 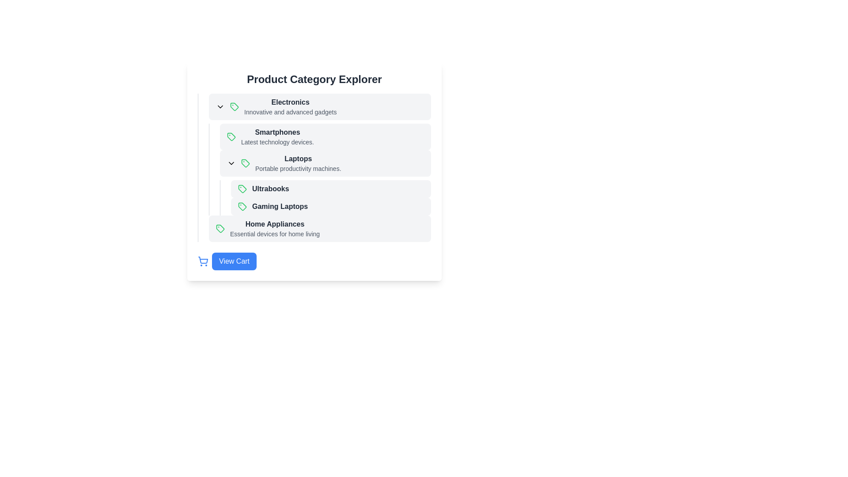 What do you see at coordinates (319, 106) in the screenshot?
I see `the first list item in the 'Product Category Explorer' section` at bounding box center [319, 106].